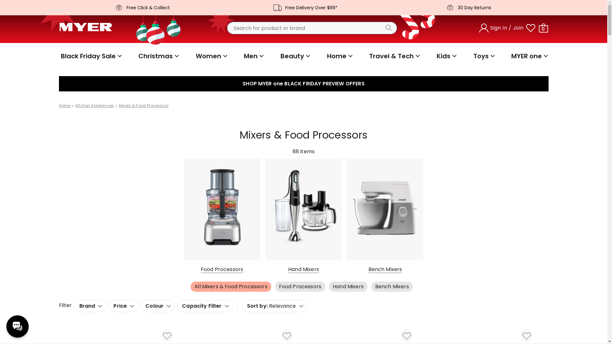 This screenshot has height=344, width=612. What do you see at coordinates (483, 56) in the screenshot?
I see `'Toys'` at bounding box center [483, 56].